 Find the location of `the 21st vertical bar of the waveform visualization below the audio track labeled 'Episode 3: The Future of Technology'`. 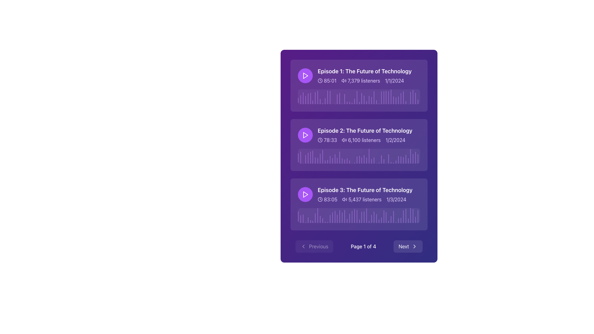

the 21st vertical bar of the waveform visualization below the audio track labeled 'Episode 3: The Future of Technology' is located at coordinates (347, 220).